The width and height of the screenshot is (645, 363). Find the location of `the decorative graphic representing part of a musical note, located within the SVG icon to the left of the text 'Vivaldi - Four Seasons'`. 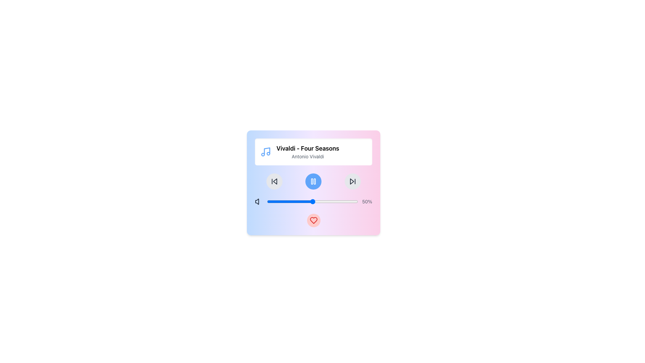

the decorative graphic representing part of a musical note, located within the SVG icon to the left of the text 'Vivaldi - Four Seasons' is located at coordinates (267, 151).